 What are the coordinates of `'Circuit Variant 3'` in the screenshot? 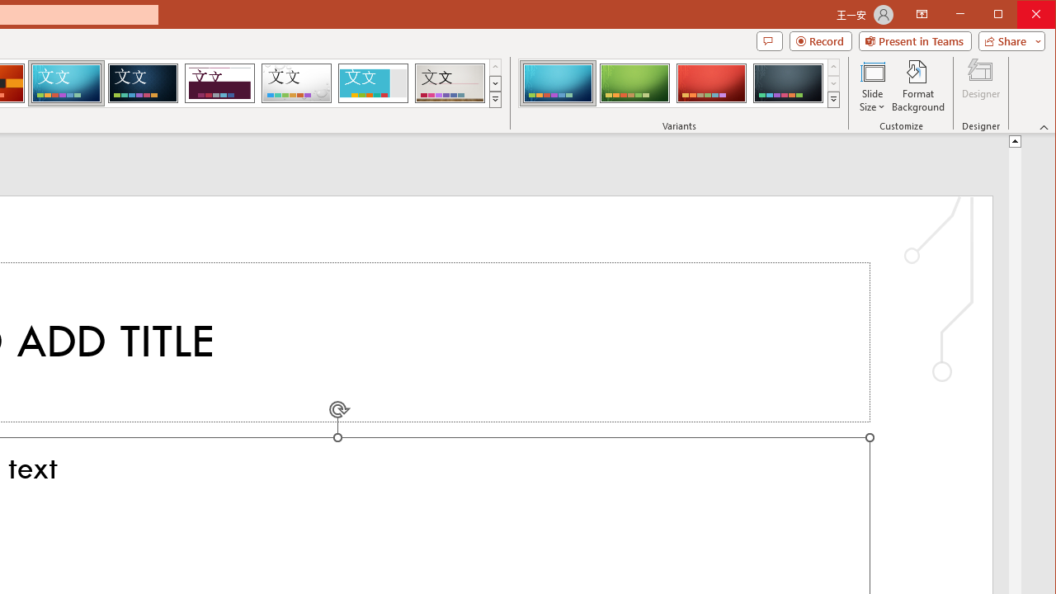 It's located at (711, 82).